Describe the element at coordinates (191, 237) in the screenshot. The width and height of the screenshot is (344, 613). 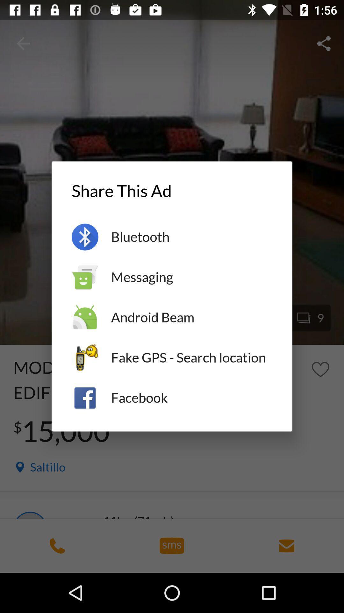
I see `bluetooth icon` at that location.